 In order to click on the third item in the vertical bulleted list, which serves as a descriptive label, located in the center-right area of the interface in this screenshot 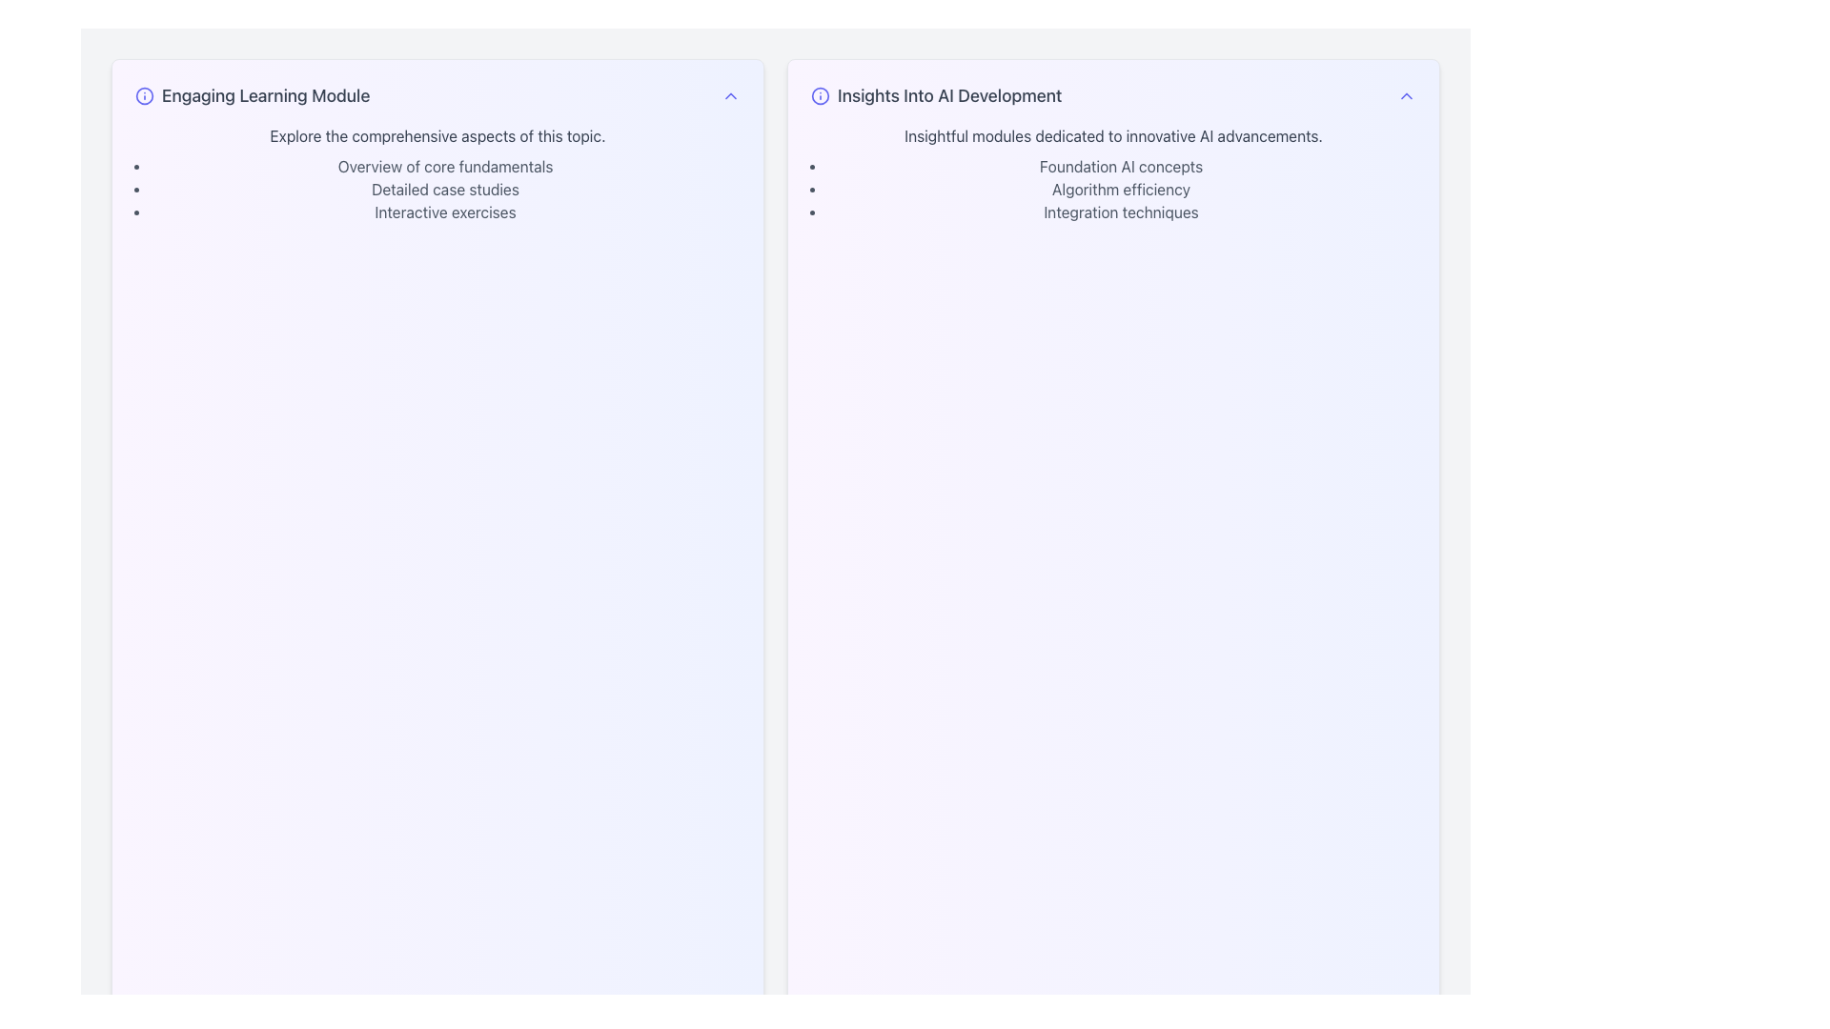, I will do `click(1121, 212)`.